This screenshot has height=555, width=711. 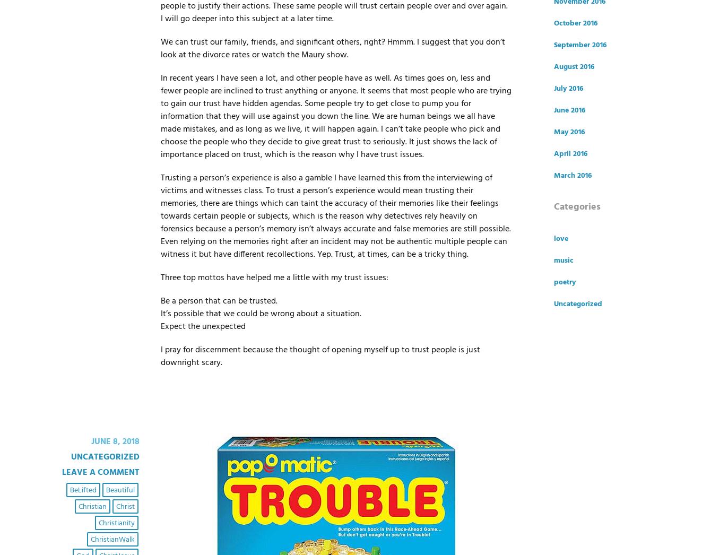 I want to click on 'Trusting a person’s experience is also a gamble I have learned this from the interviewing of victims and witnesses class. To trust a person’s experience would mean trusting their memories, there are things which can taint the accuracy of their memories like their feelings towards certain people or subjects, which is the reason why detectives rely heavily on forensics because a person’s memory isn’t always accurate and false memories are still possible. Even relying on the memories right after an incident may not be authentic multiple people can witness it but have different recollections. Yep. Trust, at times, can be a tricky thing.', so click(x=334, y=215).